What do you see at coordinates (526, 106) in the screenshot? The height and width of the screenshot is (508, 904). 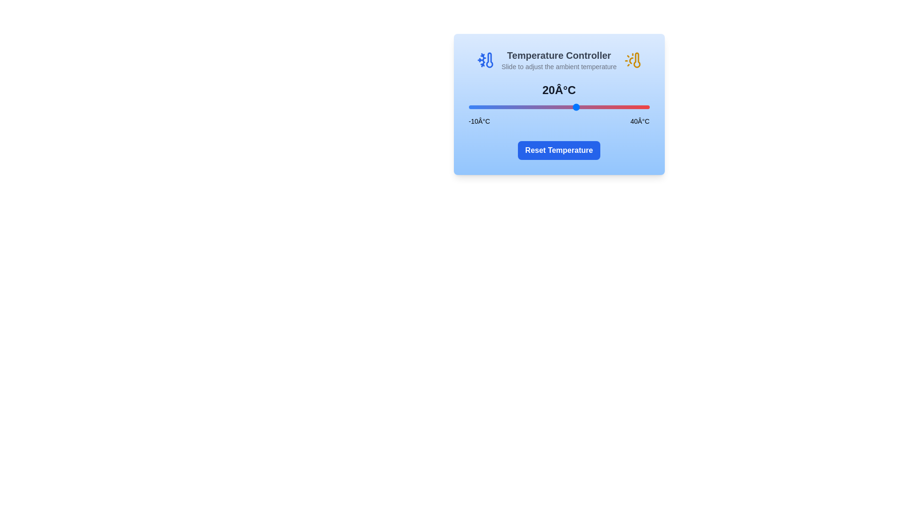 I see `the temperature` at bounding box center [526, 106].